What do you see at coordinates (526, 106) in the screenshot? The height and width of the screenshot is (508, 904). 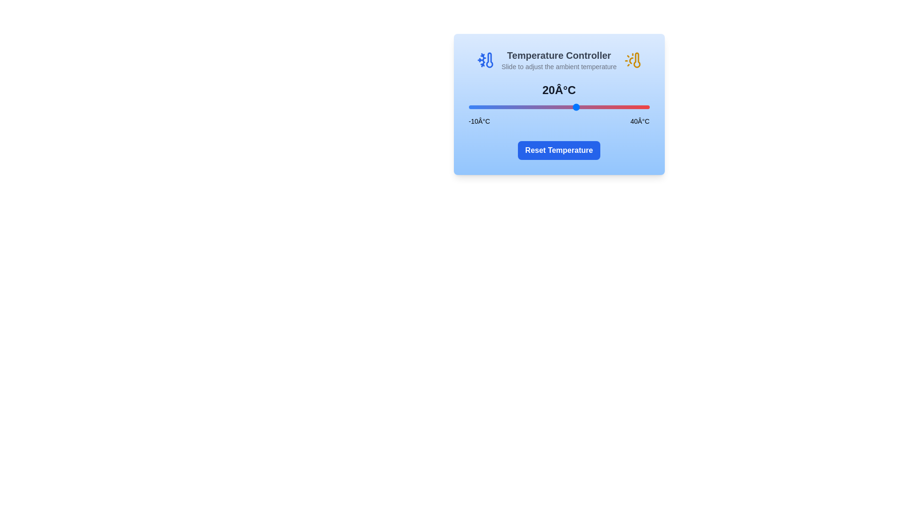 I see `the temperature` at bounding box center [526, 106].